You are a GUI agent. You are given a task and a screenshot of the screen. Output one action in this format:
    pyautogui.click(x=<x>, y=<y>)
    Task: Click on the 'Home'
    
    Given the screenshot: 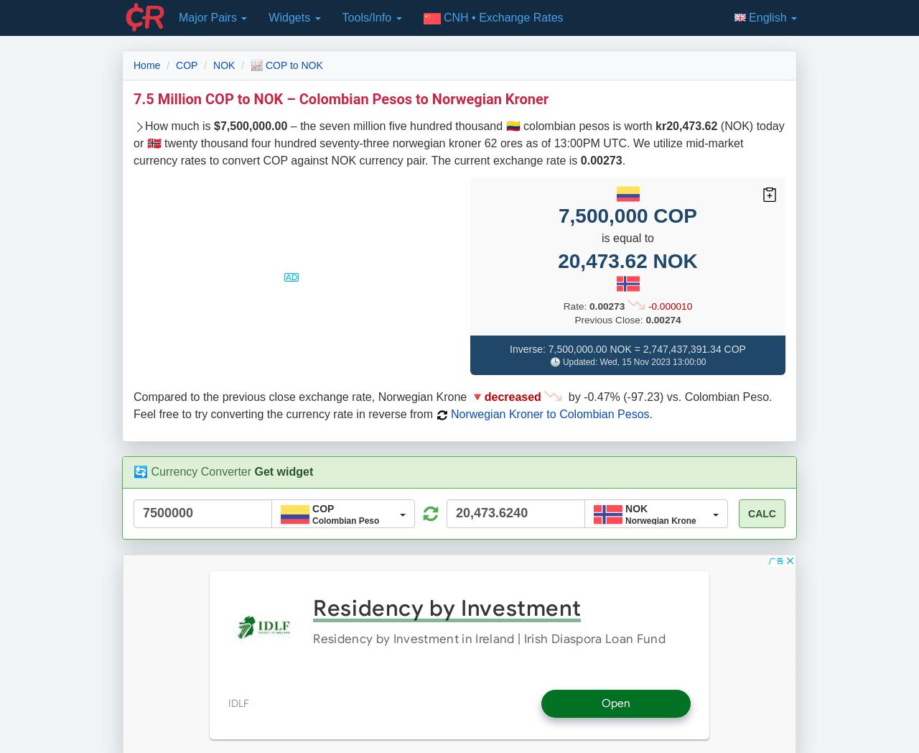 What is the action you would take?
    pyautogui.click(x=146, y=64)
    